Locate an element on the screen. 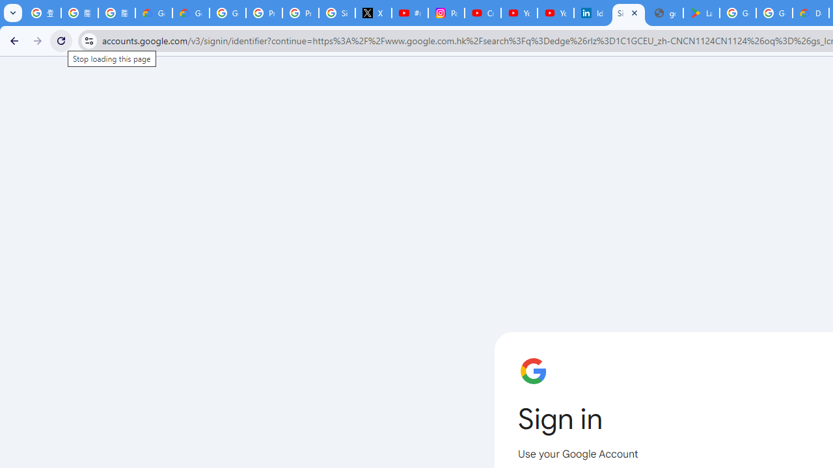  'X' is located at coordinates (373, 13).